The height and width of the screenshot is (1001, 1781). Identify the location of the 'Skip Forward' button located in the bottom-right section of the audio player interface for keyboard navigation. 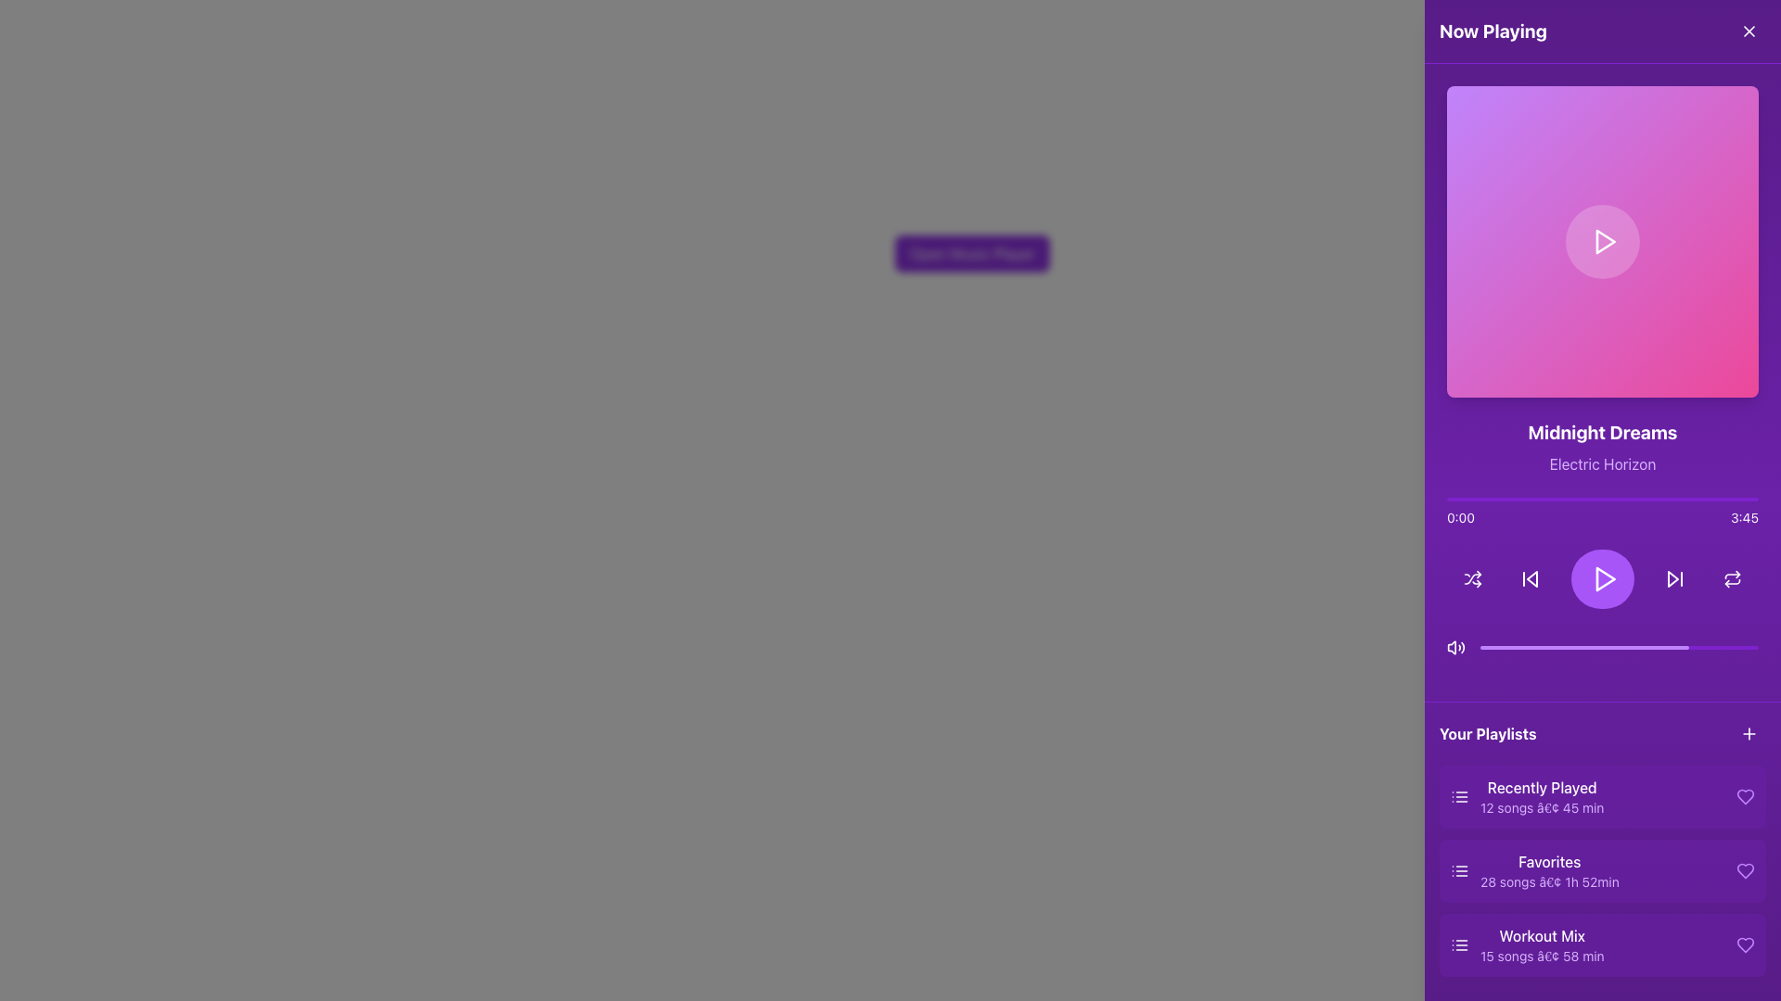
(1674, 577).